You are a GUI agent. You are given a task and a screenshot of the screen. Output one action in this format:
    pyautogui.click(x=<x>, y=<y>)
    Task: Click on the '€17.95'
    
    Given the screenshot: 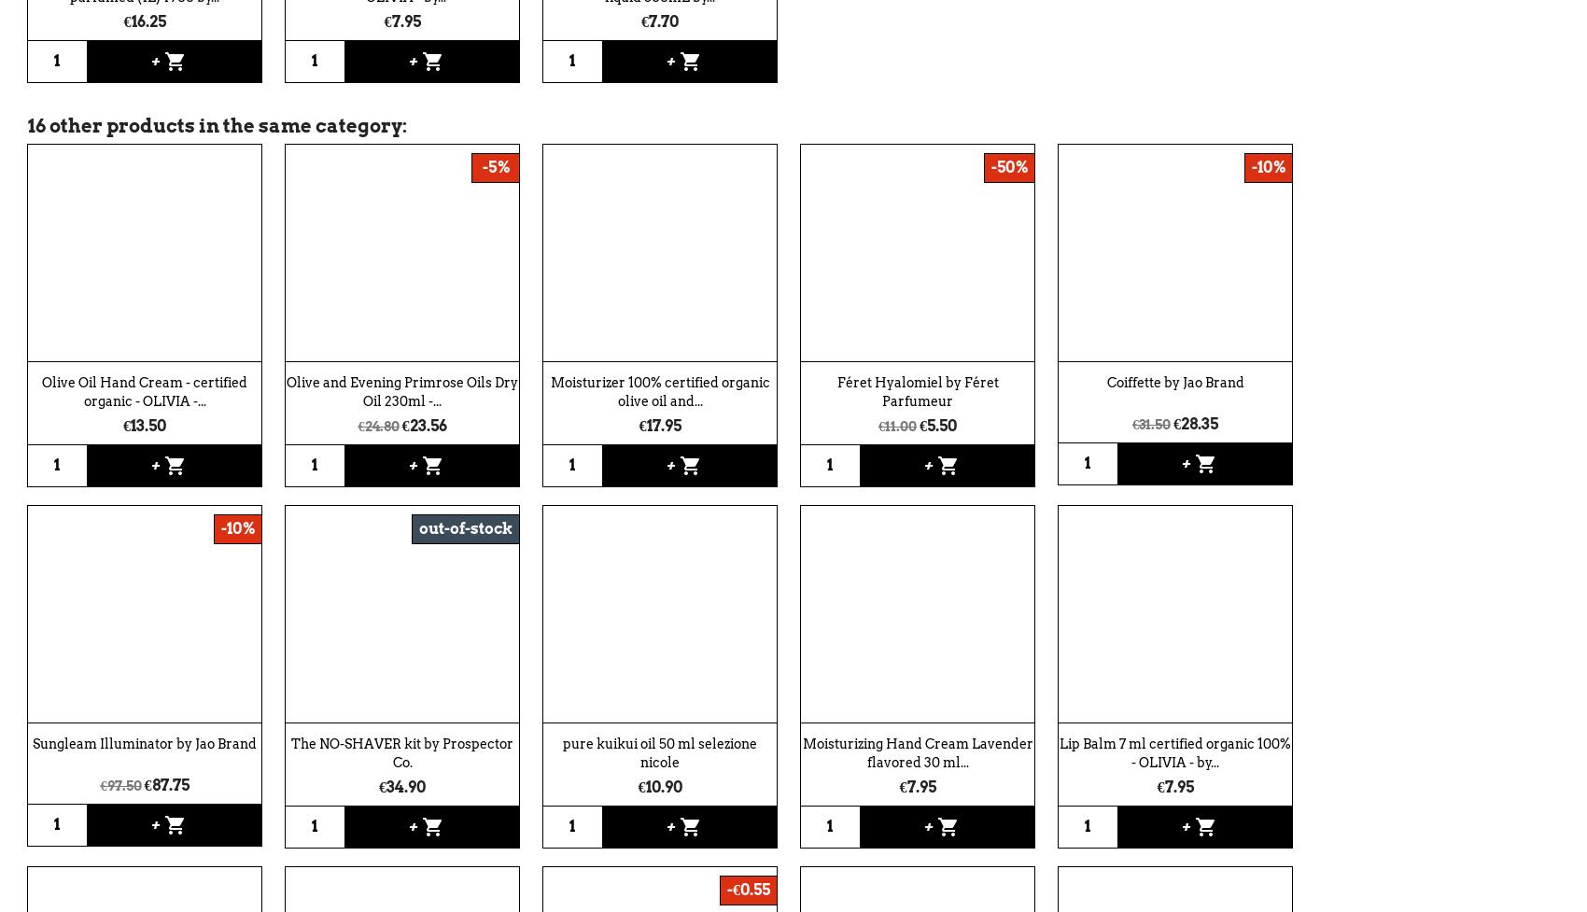 What is the action you would take?
    pyautogui.click(x=659, y=425)
    